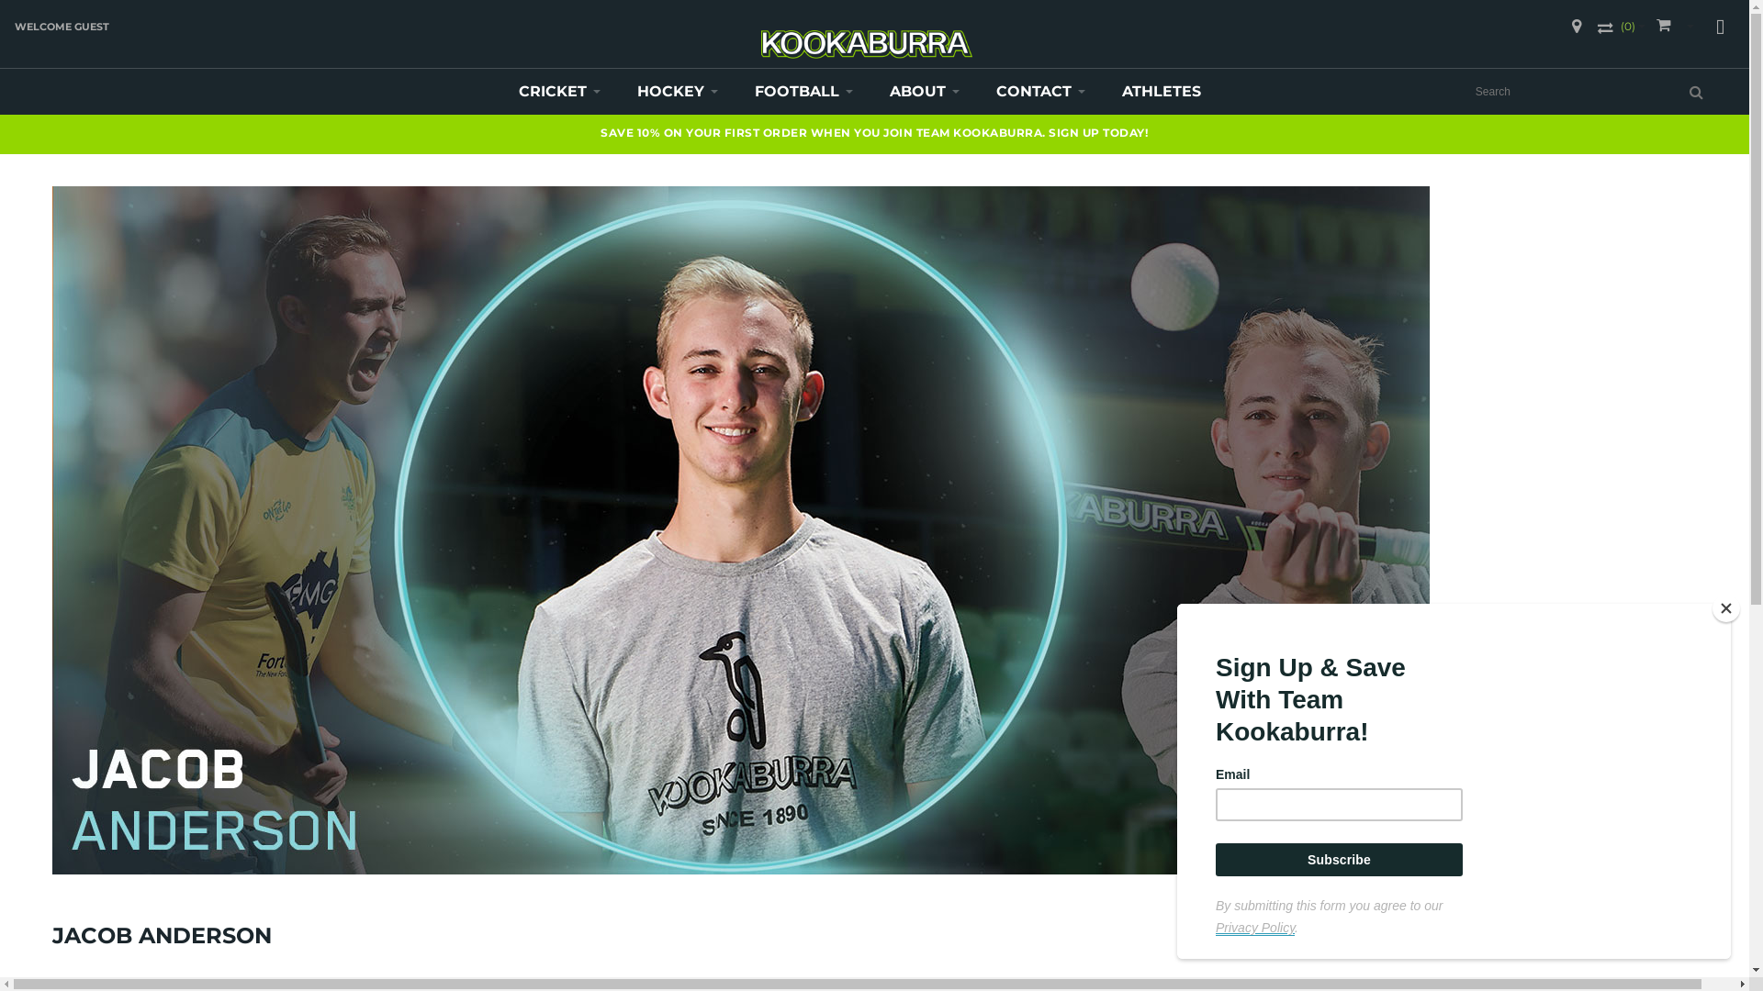 The width and height of the screenshot is (1763, 991). Describe the element at coordinates (1161, 92) in the screenshot. I see `'ATHLETES'` at that location.